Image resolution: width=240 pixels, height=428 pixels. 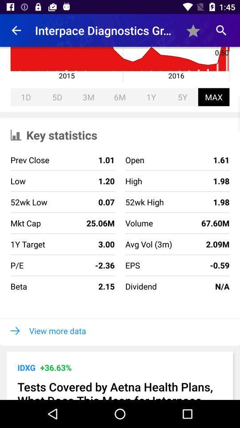 What do you see at coordinates (144, 202) in the screenshot?
I see `item to the right of 1.20` at bounding box center [144, 202].